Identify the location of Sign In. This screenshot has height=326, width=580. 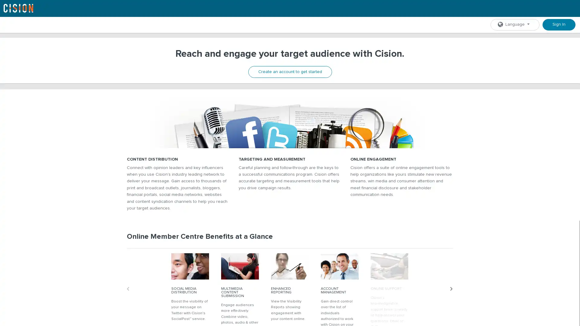
(559, 24).